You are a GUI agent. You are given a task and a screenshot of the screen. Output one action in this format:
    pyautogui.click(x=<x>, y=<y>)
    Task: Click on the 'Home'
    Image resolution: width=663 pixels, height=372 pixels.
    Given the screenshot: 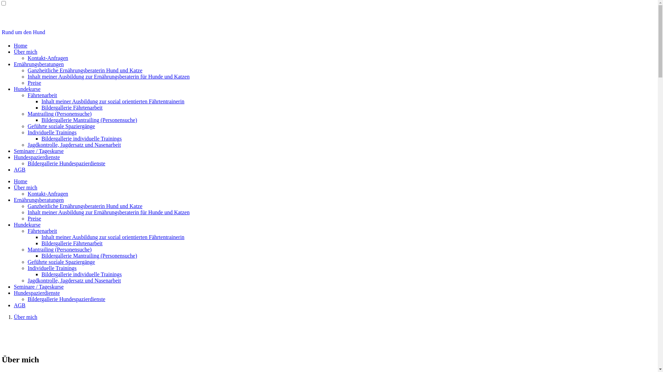 What is the action you would take?
    pyautogui.click(x=20, y=45)
    